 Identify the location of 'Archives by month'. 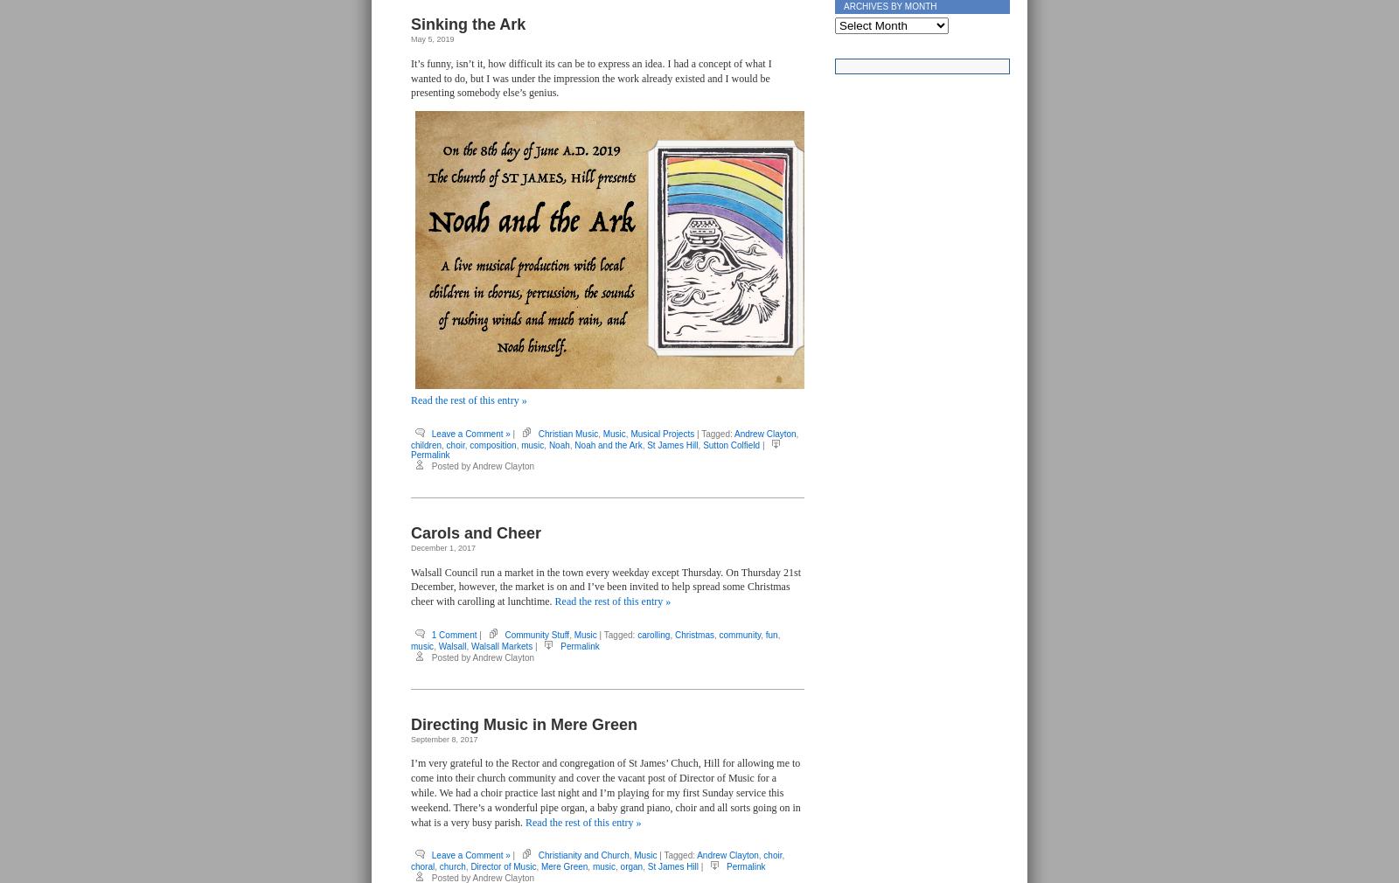
(889, 5).